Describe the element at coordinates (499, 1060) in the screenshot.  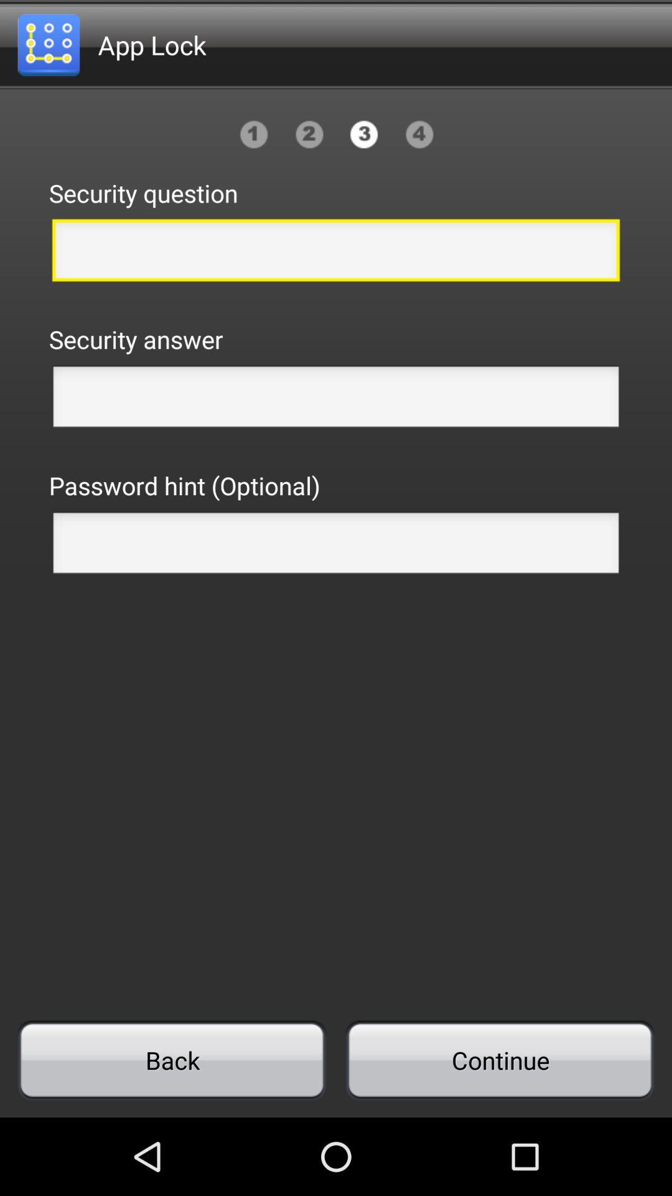
I see `continue item` at that location.